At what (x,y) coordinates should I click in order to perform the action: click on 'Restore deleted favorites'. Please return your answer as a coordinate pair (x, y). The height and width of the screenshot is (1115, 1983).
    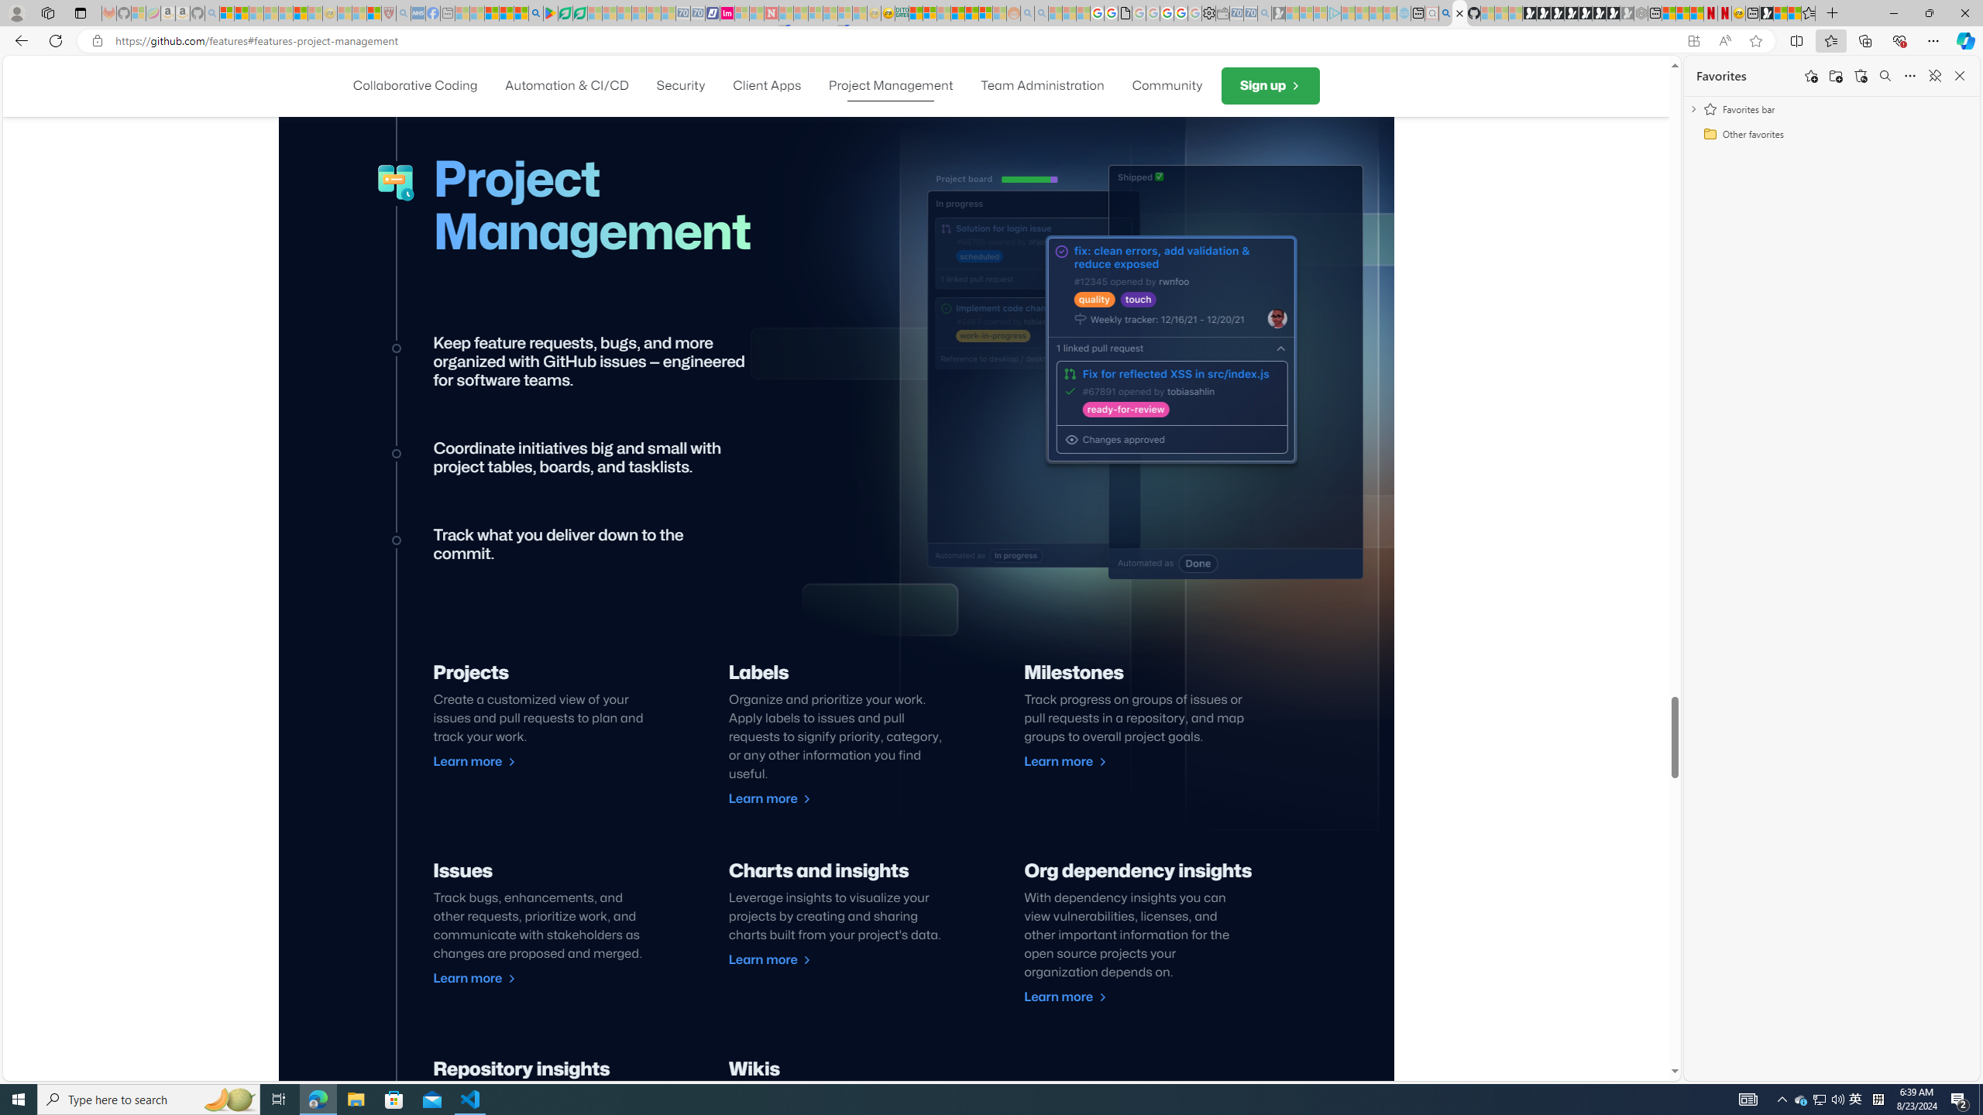
    Looking at the image, I should click on (1860, 74).